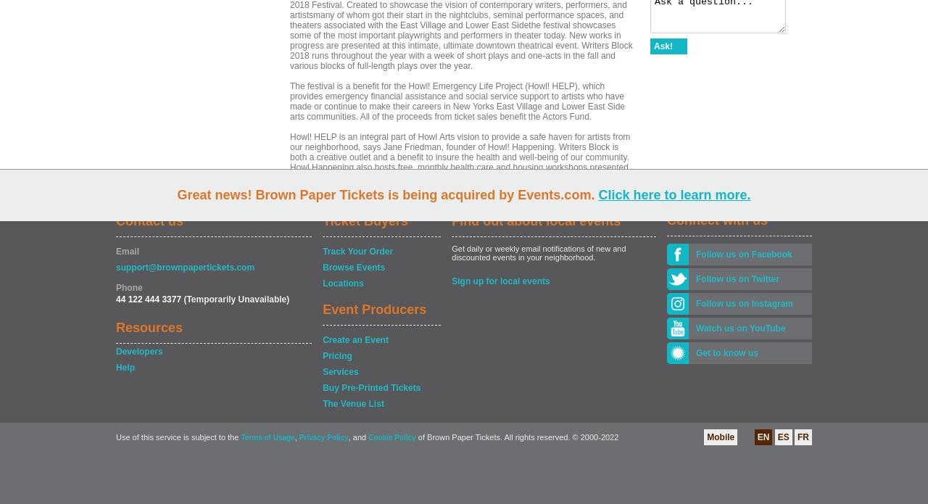  What do you see at coordinates (696, 329) in the screenshot?
I see `'Watch us on YouTube'` at bounding box center [696, 329].